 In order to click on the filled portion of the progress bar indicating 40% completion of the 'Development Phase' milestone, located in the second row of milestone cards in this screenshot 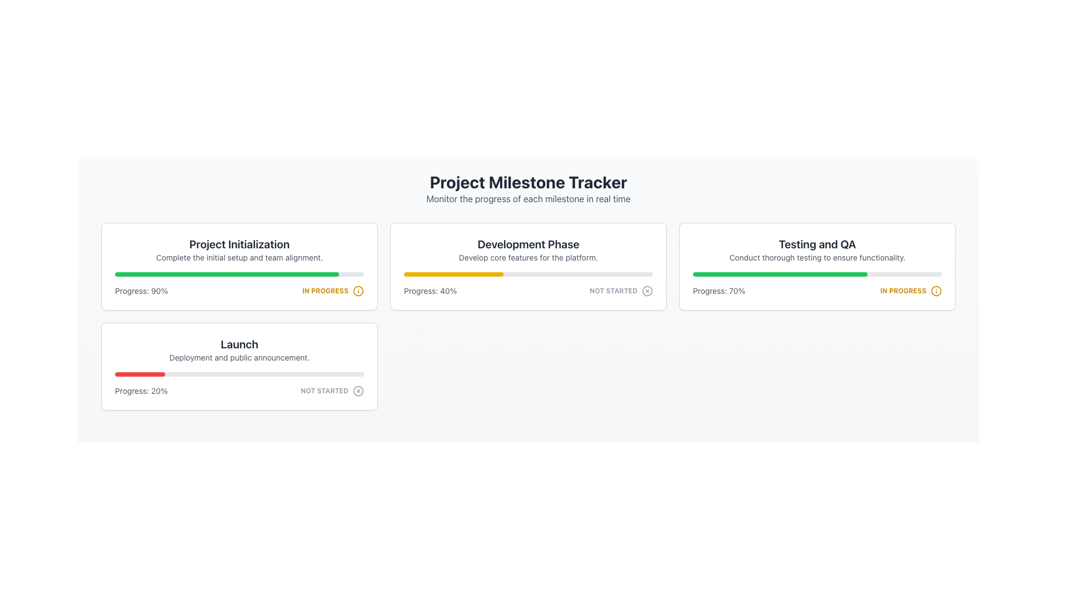, I will do `click(453, 274)`.